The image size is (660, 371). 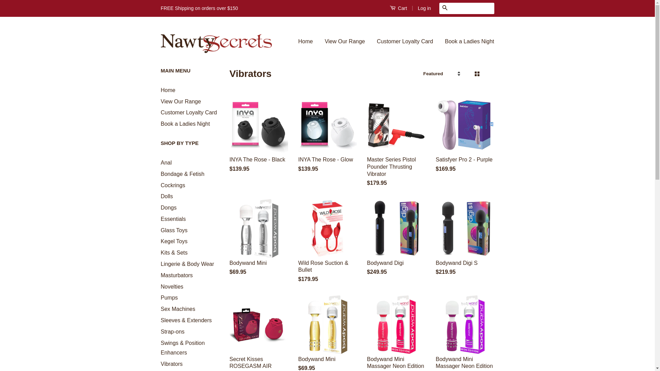 What do you see at coordinates (186, 320) in the screenshot?
I see `'Sleeves & Extenders'` at bounding box center [186, 320].